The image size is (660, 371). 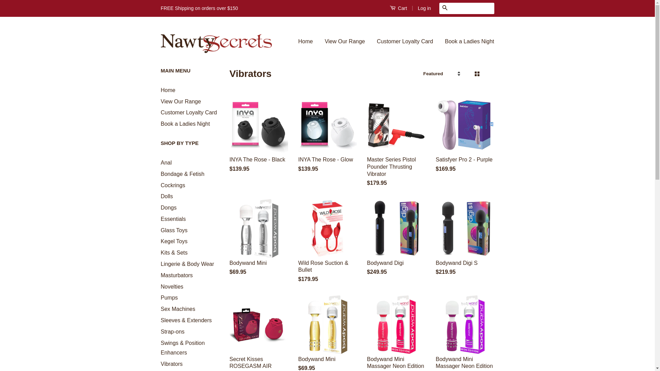 What do you see at coordinates (186, 320) in the screenshot?
I see `'Sleeves & Extenders'` at bounding box center [186, 320].